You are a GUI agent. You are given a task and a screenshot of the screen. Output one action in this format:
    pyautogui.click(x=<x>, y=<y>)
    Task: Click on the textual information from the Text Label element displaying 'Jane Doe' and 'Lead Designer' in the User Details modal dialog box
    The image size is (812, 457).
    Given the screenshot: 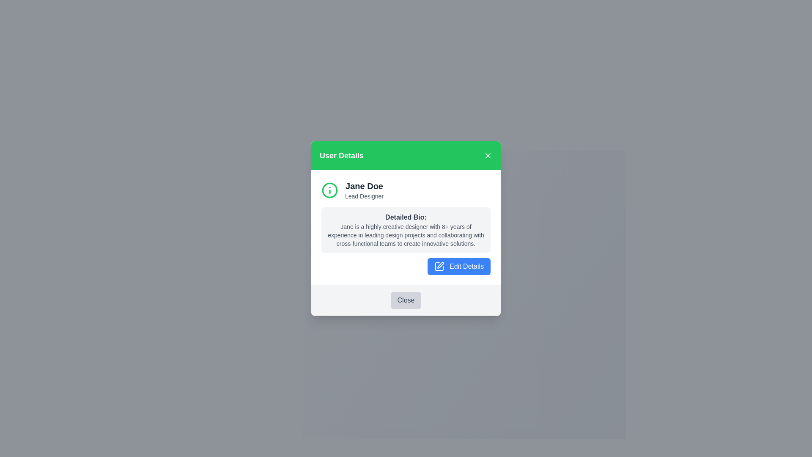 What is the action you would take?
    pyautogui.click(x=364, y=190)
    